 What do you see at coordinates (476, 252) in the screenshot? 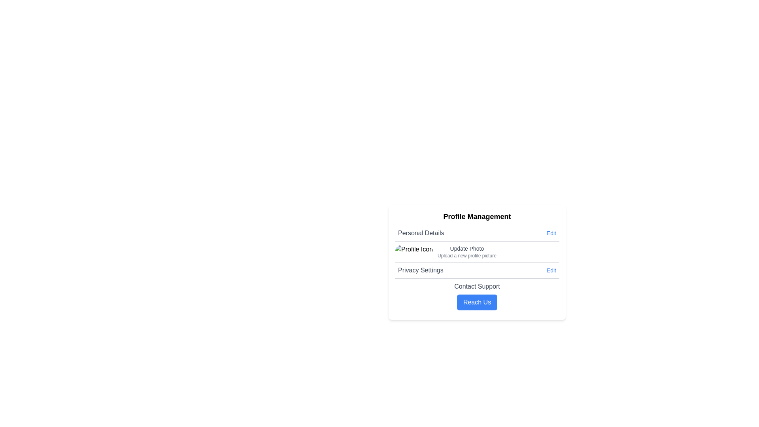
I see `the informational panel element featuring a circular profile icon and text that reads 'Update Photo' and 'Upload a new profile picture'` at bounding box center [476, 252].